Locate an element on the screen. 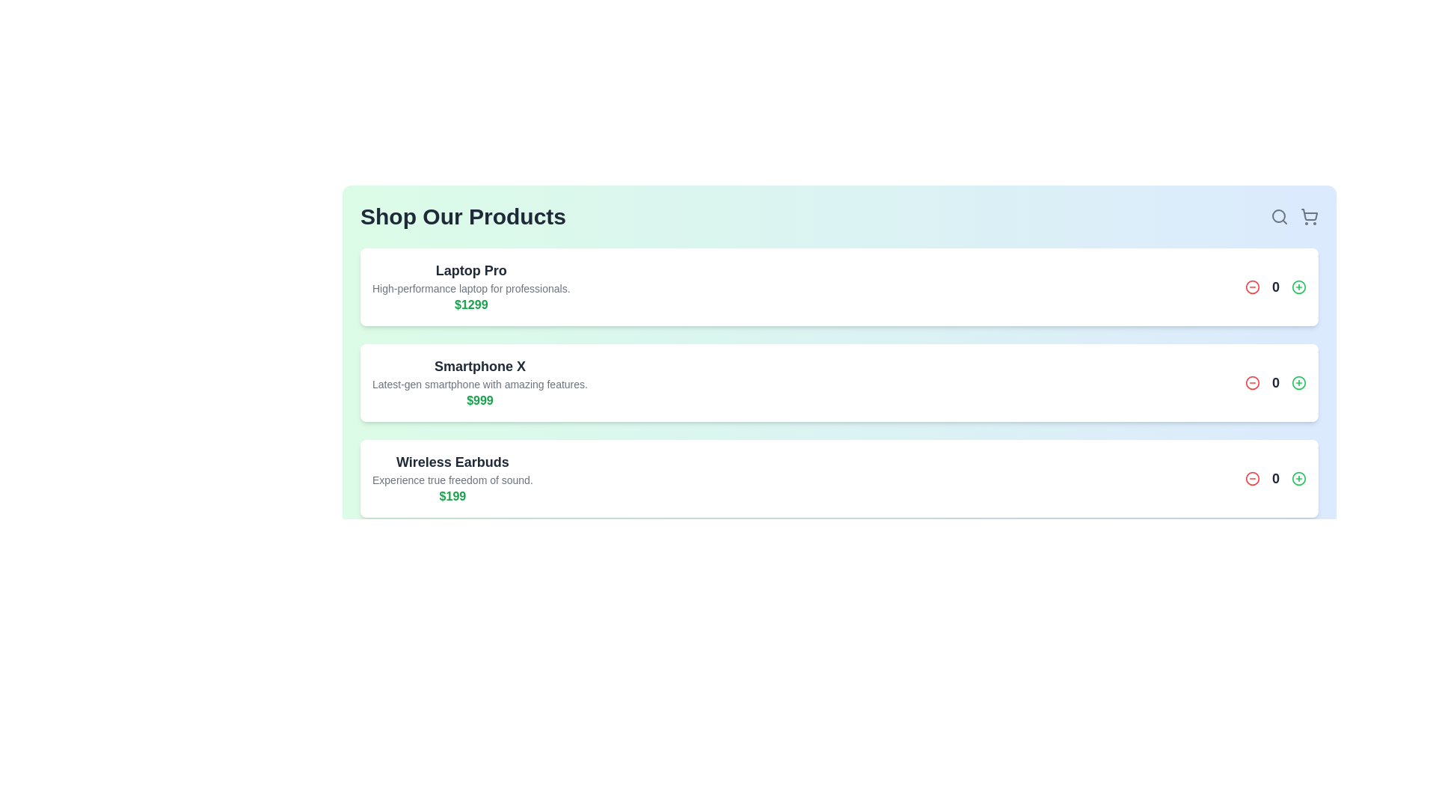 The width and height of the screenshot is (1436, 808). the shopping cart icon to open the shopping cart is located at coordinates (1309, 216).